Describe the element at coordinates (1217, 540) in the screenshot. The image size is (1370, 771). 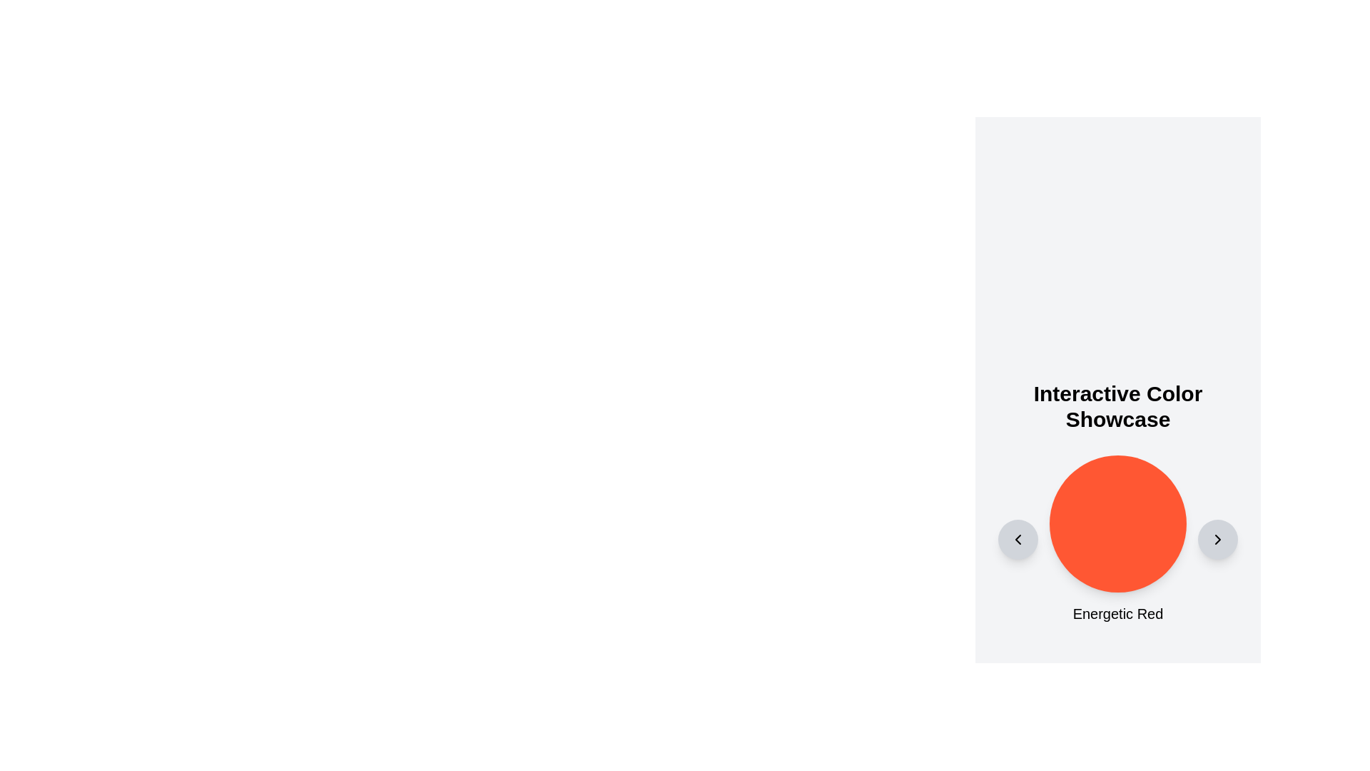
I see `the circular button with a light gray background and a right-pointing chevron icon` at that location.